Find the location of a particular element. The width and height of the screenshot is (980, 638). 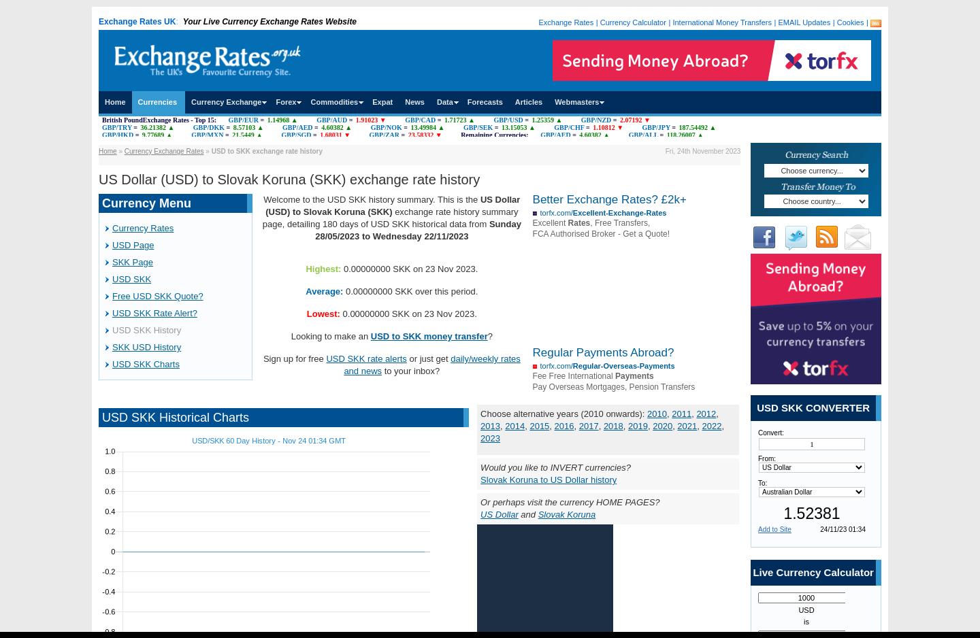

'2020' is located at coordinates (661, 426).